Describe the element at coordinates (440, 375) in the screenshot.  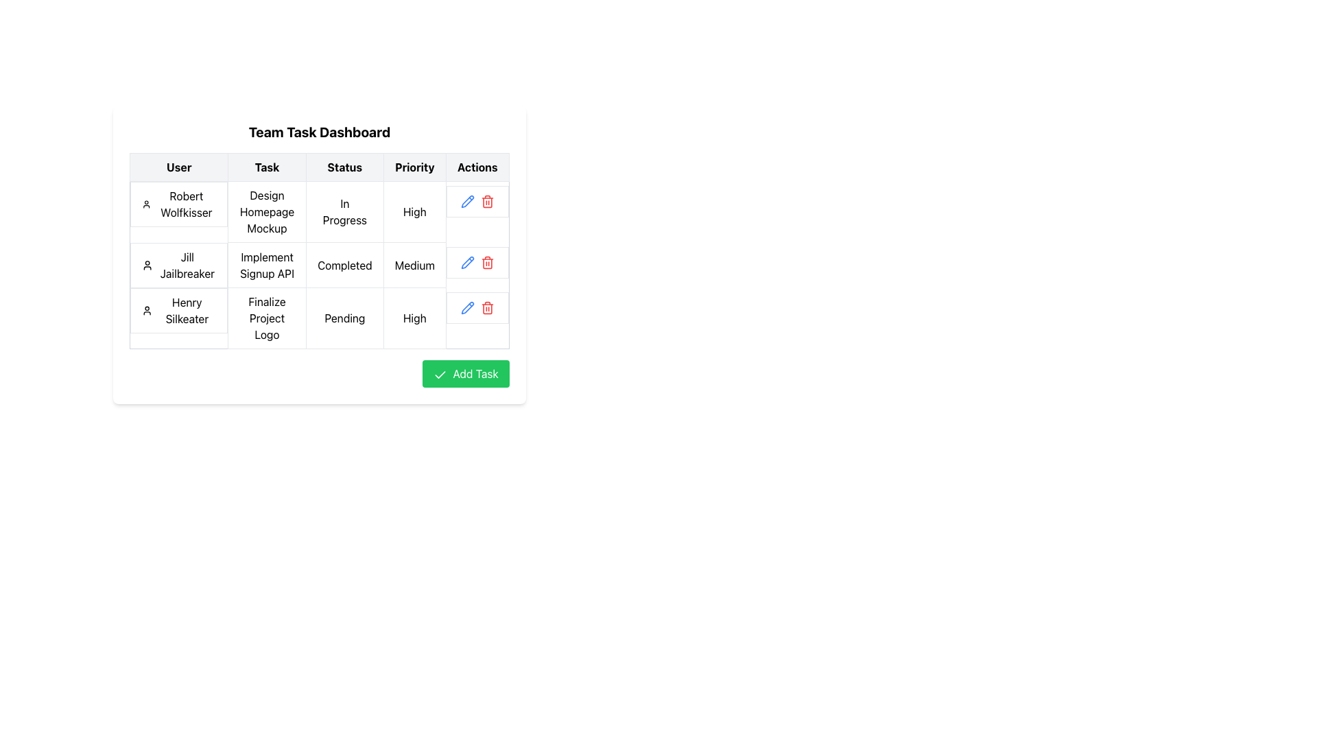
I see `the confirmation icon located inside the green 'Add Task' button at the bottom right of the main task dashboard interface` at that location.